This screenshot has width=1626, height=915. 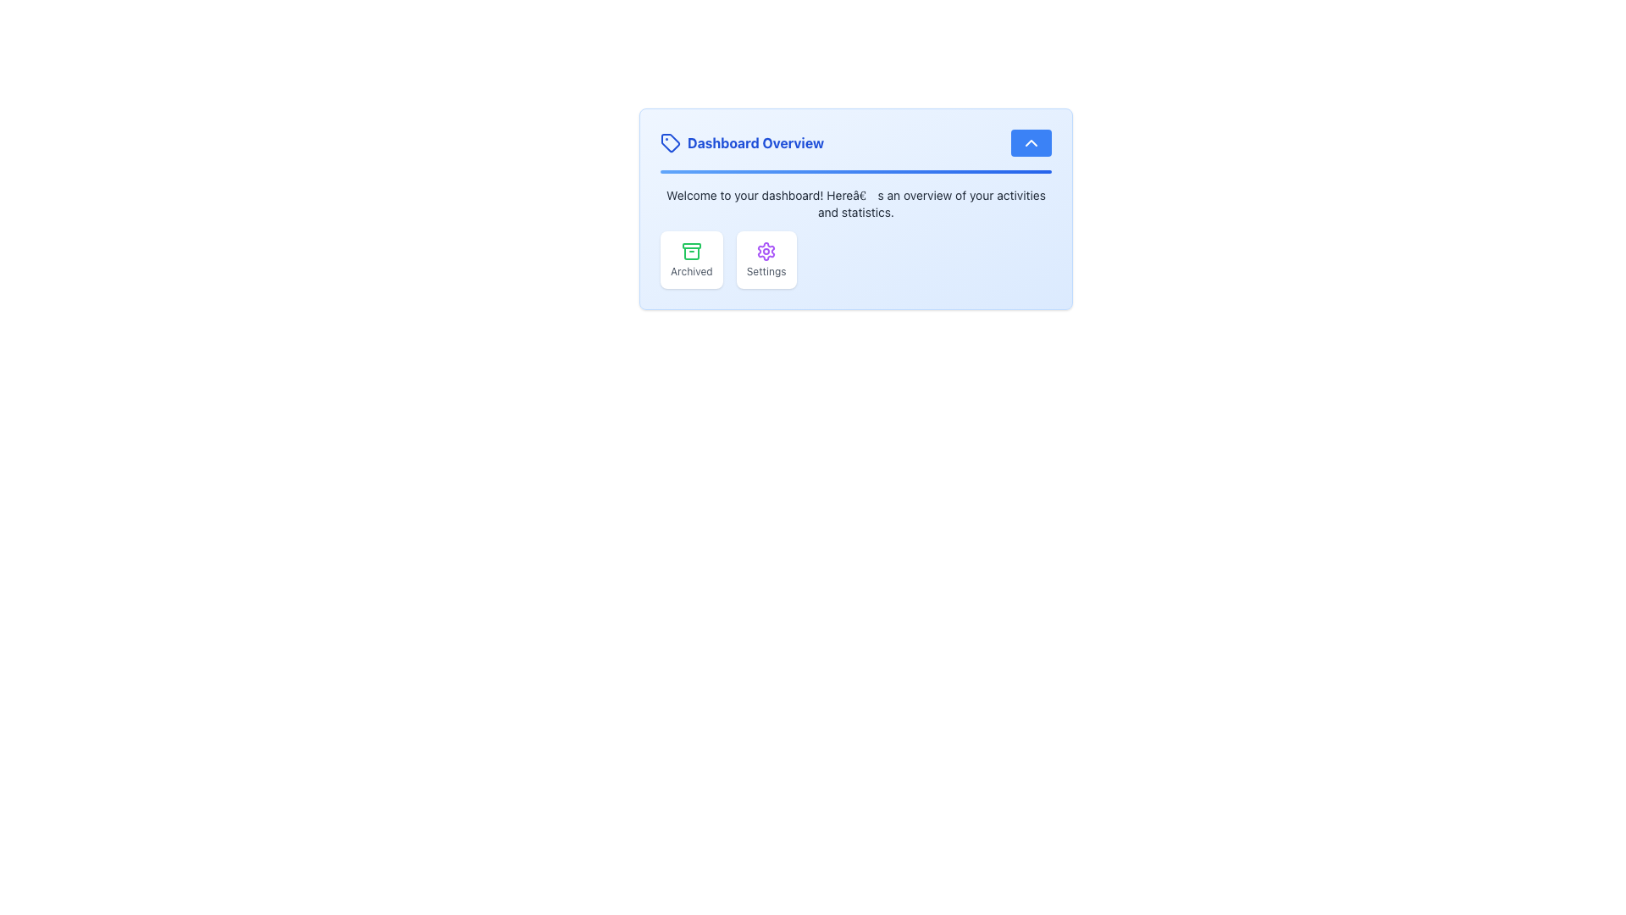 What do you see at coordinates (856, 172) in the screenshot?
I see `the Horizontal Divider located below the 'Dashboard Overview' header, which serves as a visual separator between sections of content` at bounding box center [856, 172].